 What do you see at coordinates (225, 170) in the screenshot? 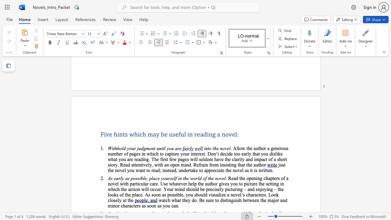
I see `the subset text "the novel as it is writte" within the text "just the novel you want to read; instead, undertake to appreciate the novel as it is written."` at bounding box center [225, 170].